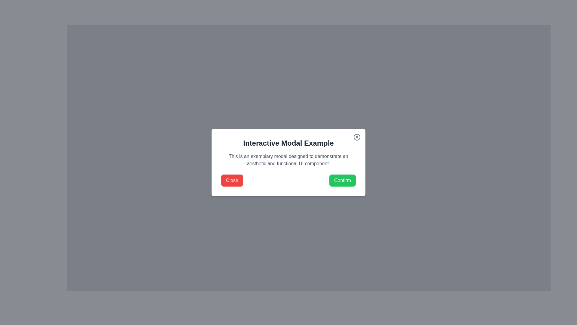 The width and height of the screenshot is (577, 325). What do you see at coordinates (288, 160) in the screenshot?
I see `the text block that reads 'This is an exemplary modal designed to demonstrate an aesthetic and functional UI component.' which is located between the header 'Interactive Modal Example' and the action buttons 'Close' and 'Confirm'` at bounding box center [288, 160].